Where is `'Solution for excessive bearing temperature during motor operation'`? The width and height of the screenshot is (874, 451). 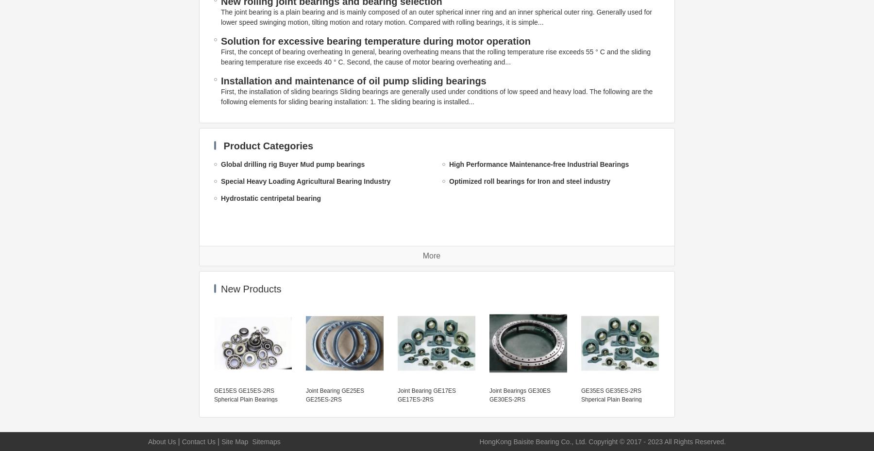 'Solution for excessive bearing temperature during motor operation' is located at coordinates (375, 41).